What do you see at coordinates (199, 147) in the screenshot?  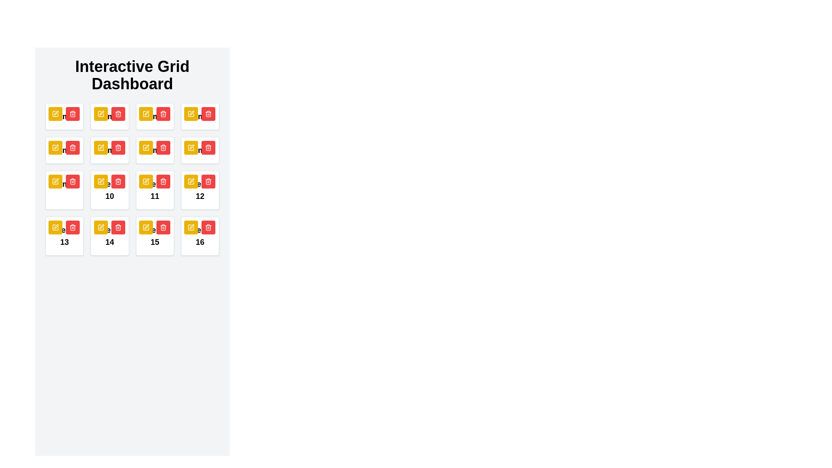 I see `the group of interactive buttons containing the yellow 'Edit' button and the red 'Delete' button located at the top-right corner of the card labeled 'Item 8'` at bounding box center [199, 147].